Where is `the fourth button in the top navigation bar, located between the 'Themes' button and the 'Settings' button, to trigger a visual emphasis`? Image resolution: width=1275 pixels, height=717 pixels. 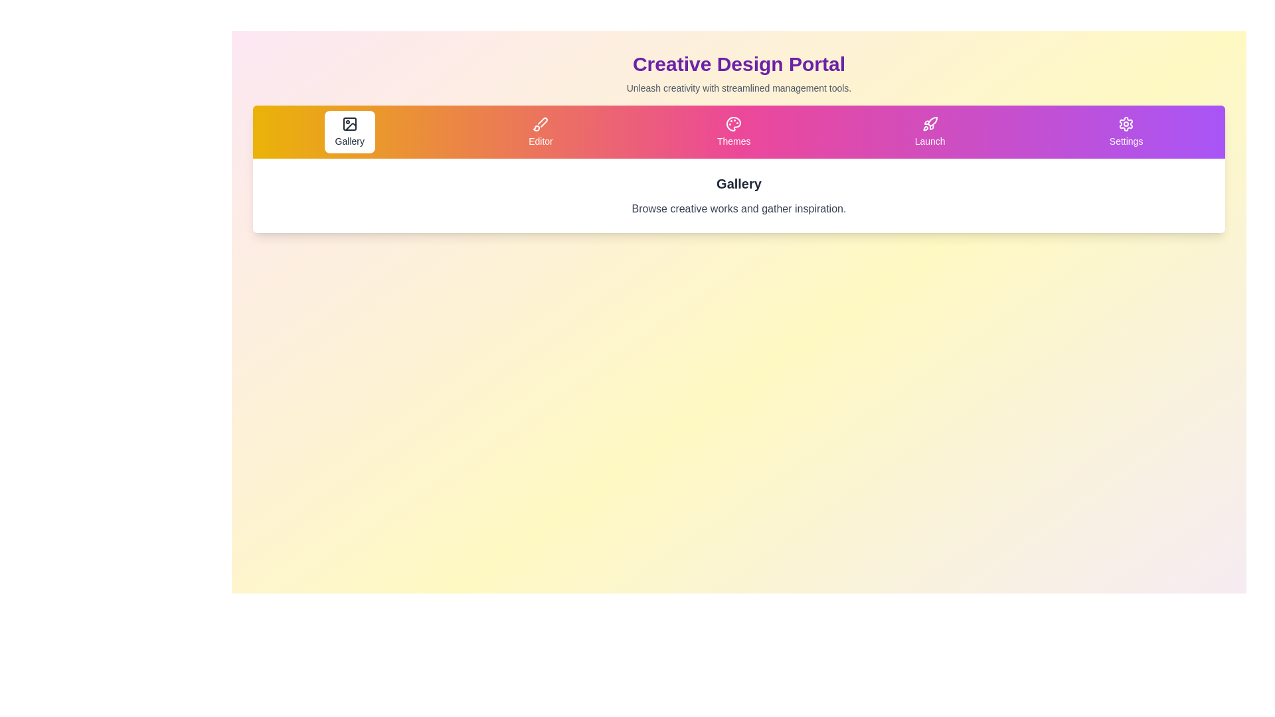 the fourth button in the top navigation bar, located between the 'Themes' button and the 'Settings' button, to trigger a visual emphasis is located at coordinates (929, 132).